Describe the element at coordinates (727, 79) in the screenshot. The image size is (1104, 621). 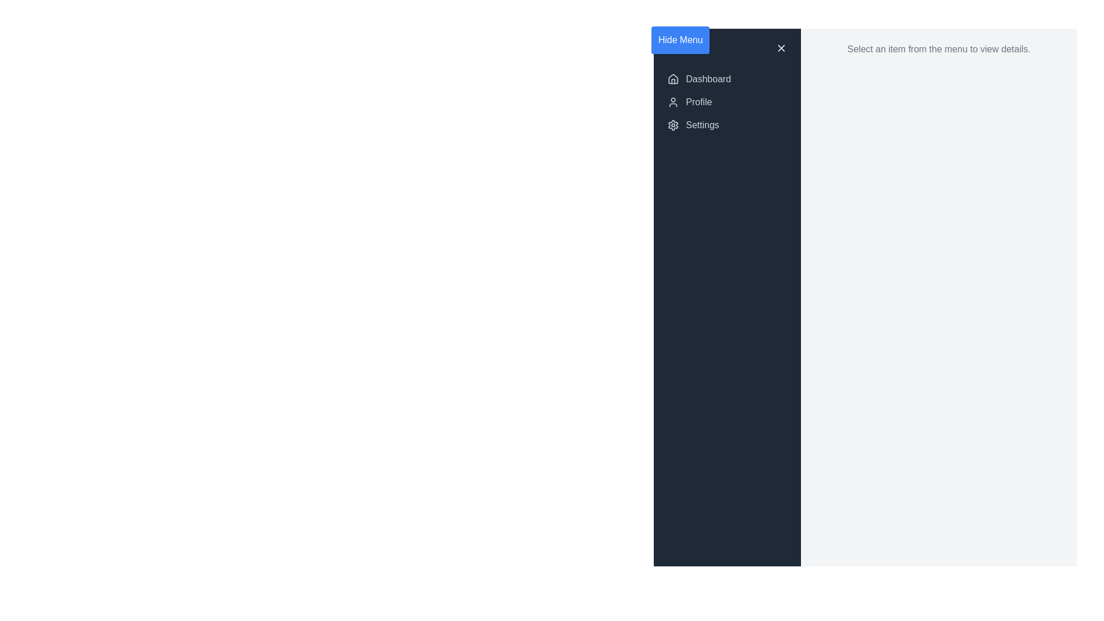
I see `the 'Dashboard' navigation item, which displays text in gray color with a house icon, positioned at the top of the sidebar menu list` at that location.